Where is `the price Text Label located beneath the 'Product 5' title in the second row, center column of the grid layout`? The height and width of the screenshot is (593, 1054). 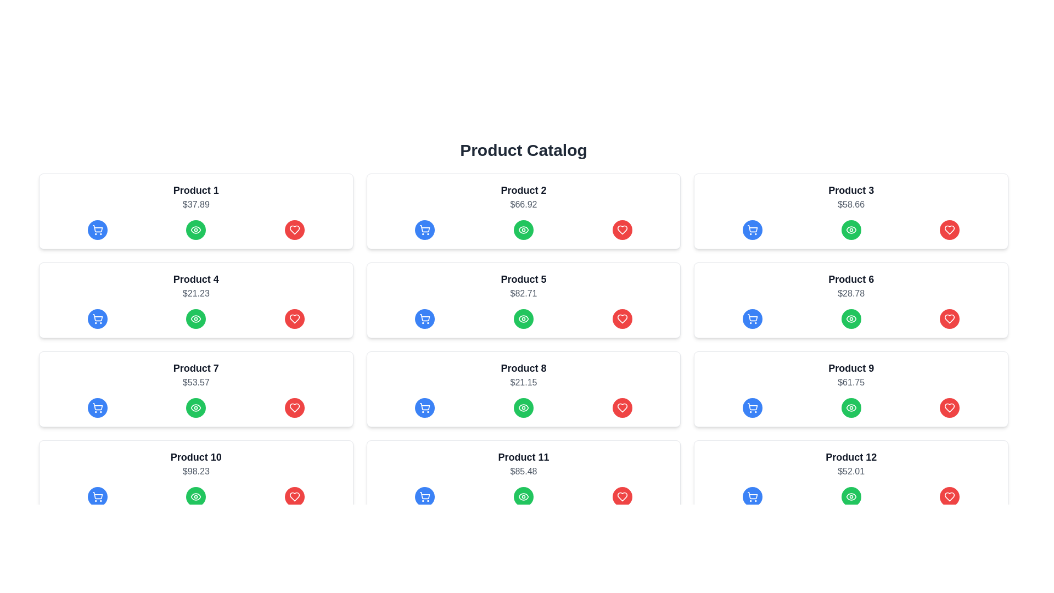
the price Text Label located beneath the 'Product 5' title in the second row, center column of the grid layout is located at coordinates (523, 293).